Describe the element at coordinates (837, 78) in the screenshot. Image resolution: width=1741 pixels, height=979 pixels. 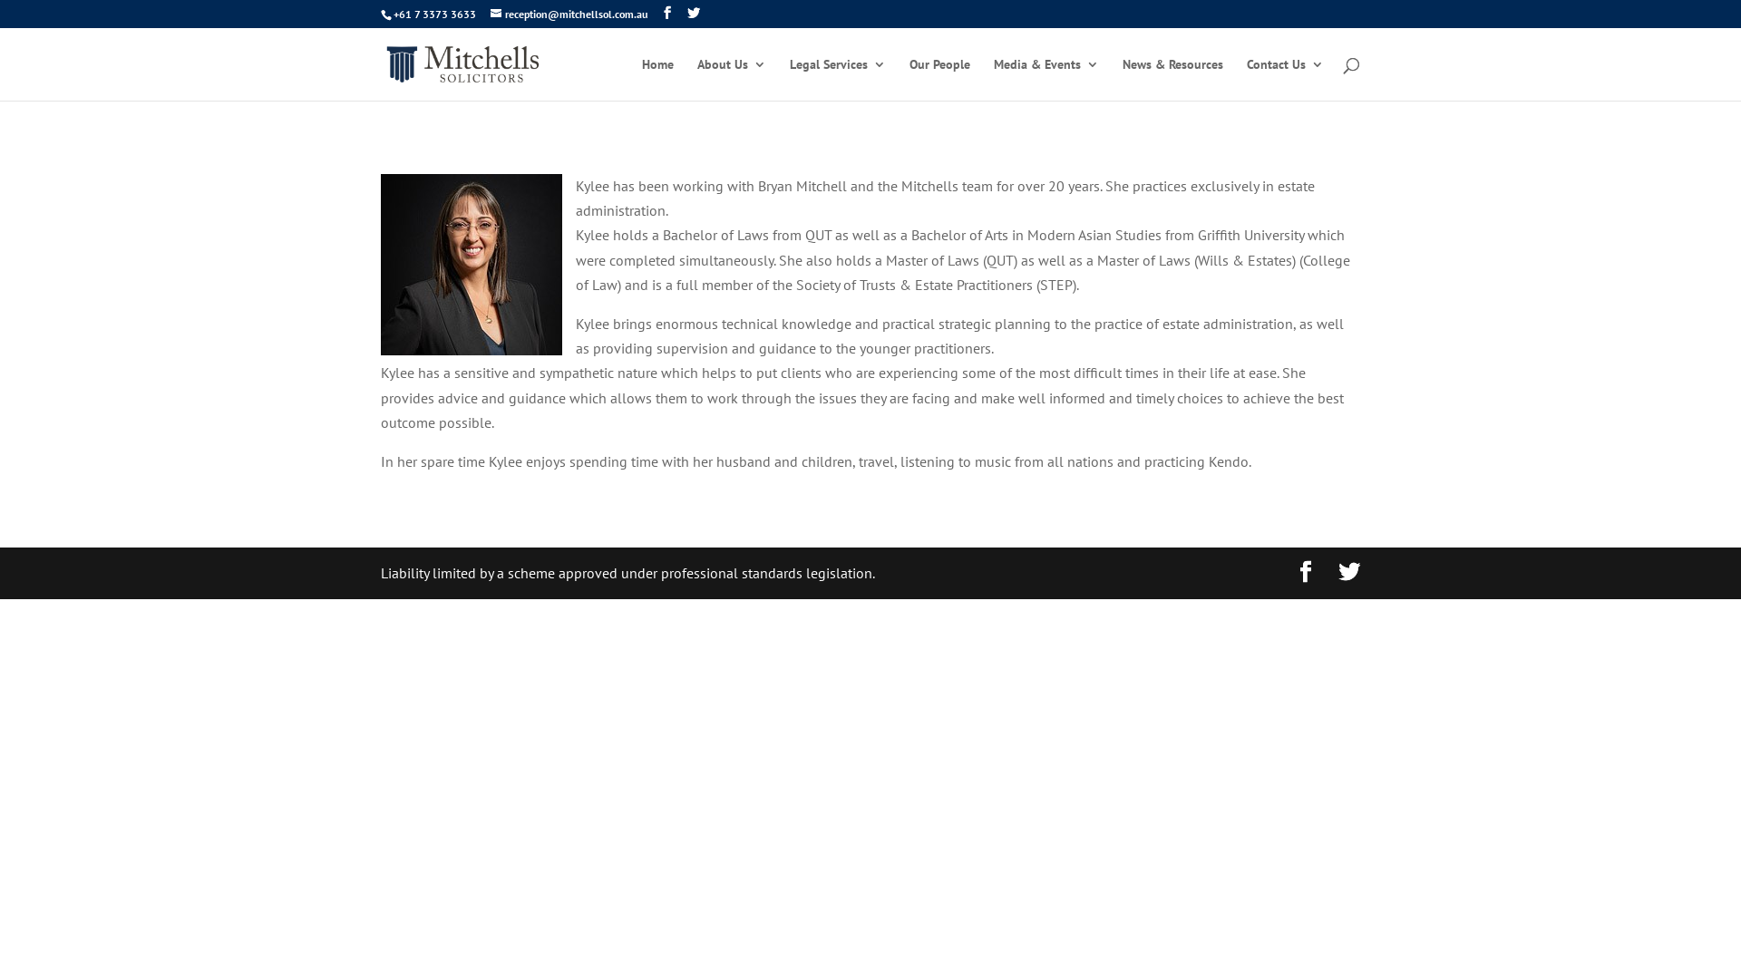
I see `'Legal Services'` at that location.